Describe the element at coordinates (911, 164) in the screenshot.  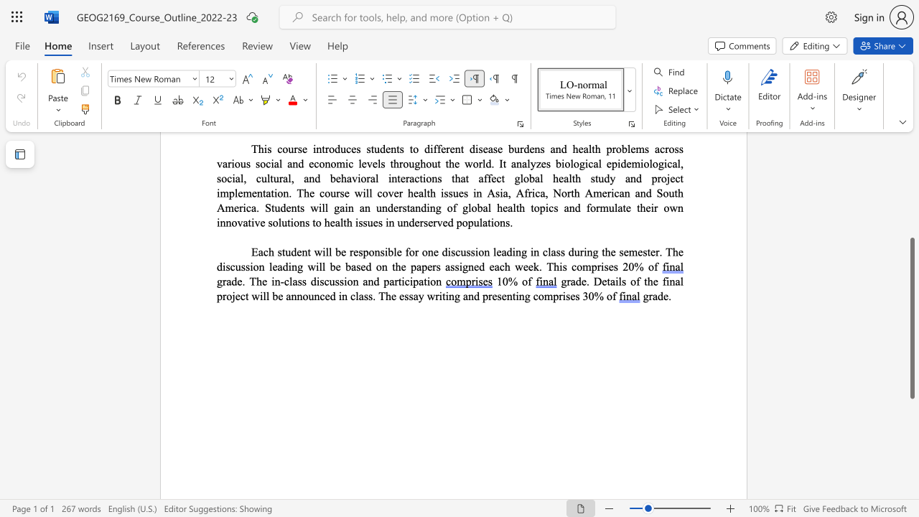
I see `the scrollbar on the right to shift the page higher` at that location.